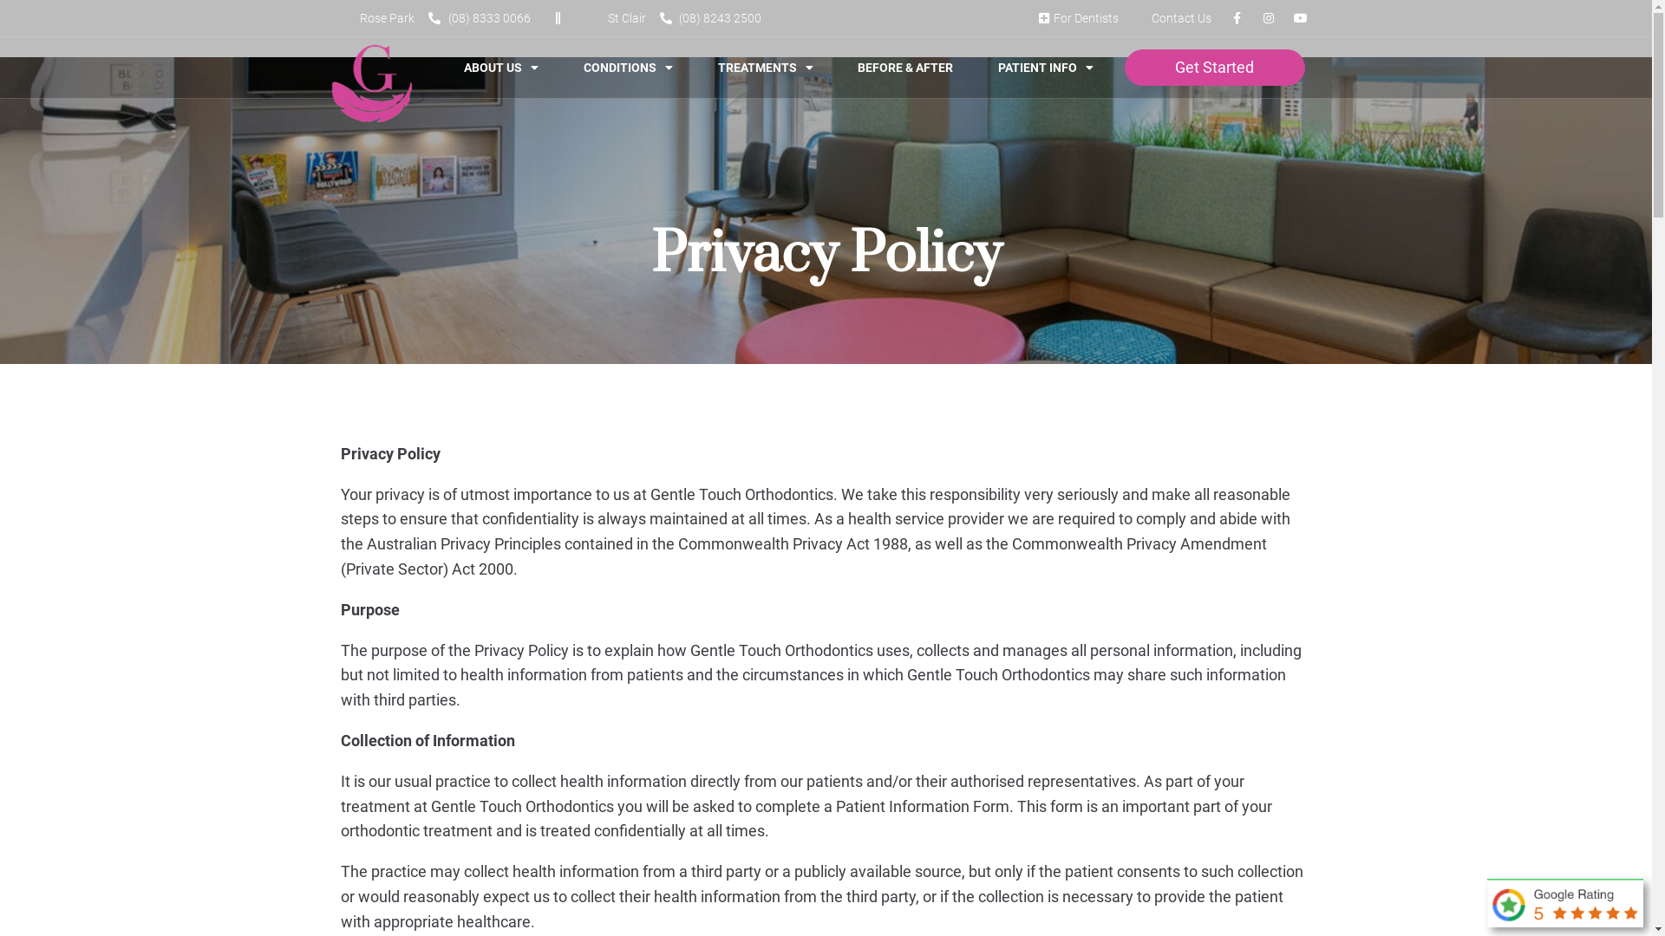 This screenshot has height=936, width=1665. What do you see at coordinates (1132, 17) in the screenshot?
I see `'Contact Us'` at bounding box center [1132, 17].